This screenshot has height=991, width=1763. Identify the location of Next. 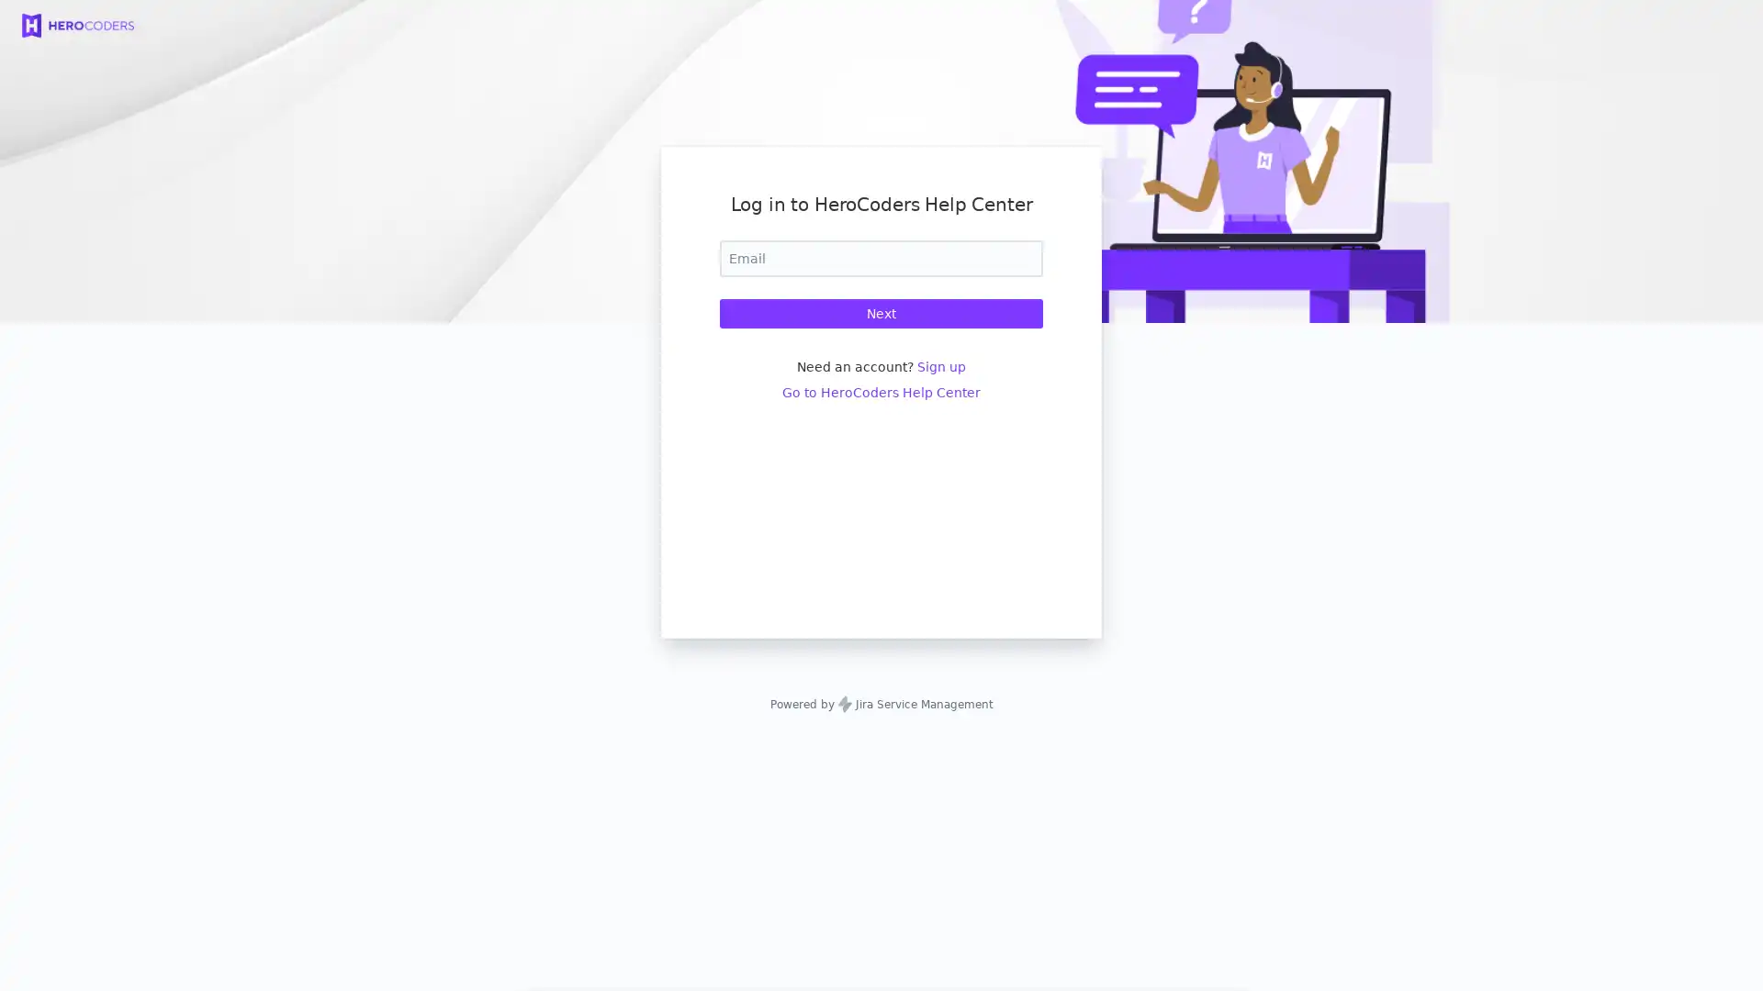
(881, 313).